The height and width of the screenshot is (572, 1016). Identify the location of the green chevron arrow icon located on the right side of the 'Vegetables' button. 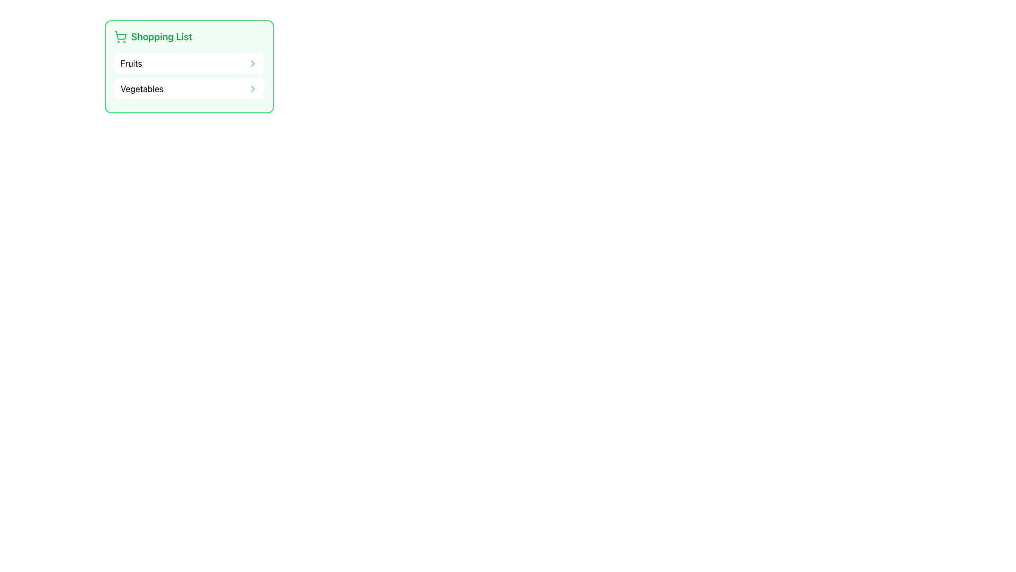
(252, 88).